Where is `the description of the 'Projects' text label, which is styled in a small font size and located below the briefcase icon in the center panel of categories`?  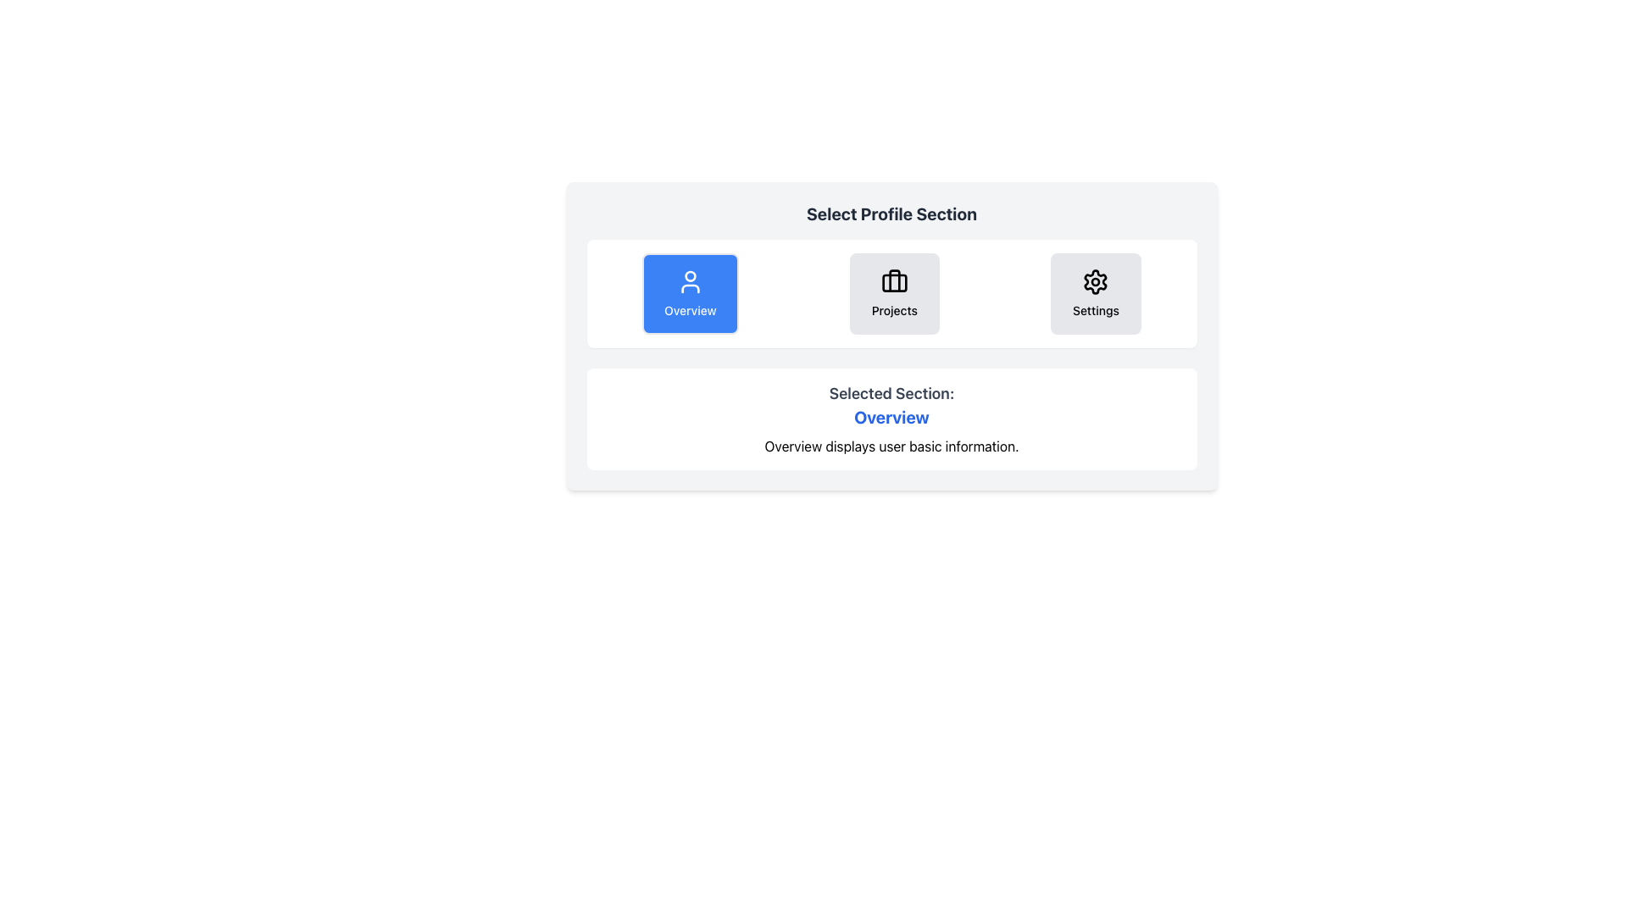
the description of the 'Projects' text label, which is styled in a small font size and located below the briefcase icon in the center panel of categories is located at coordinates (893, 310).